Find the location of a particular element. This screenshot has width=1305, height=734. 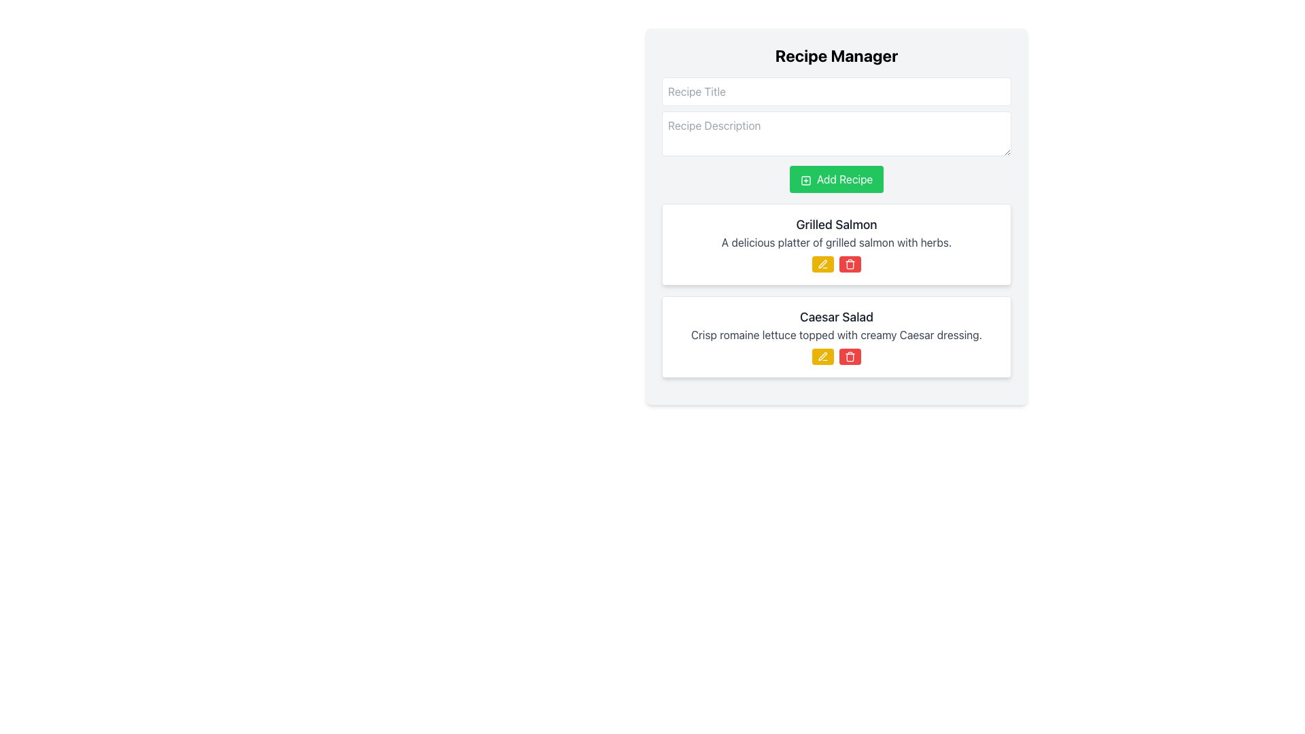

the small red rectangular button with rounded corners that has a white trash can icon, which is the second button in the button group located in the bottom-right corner of the 'Caesar Salad' recipe card is located at coordinates (850, 355).